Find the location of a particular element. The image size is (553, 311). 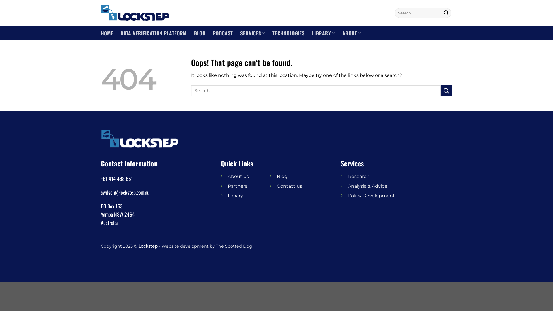

'Analysis & Advice' is located at coordinates (367, 186).